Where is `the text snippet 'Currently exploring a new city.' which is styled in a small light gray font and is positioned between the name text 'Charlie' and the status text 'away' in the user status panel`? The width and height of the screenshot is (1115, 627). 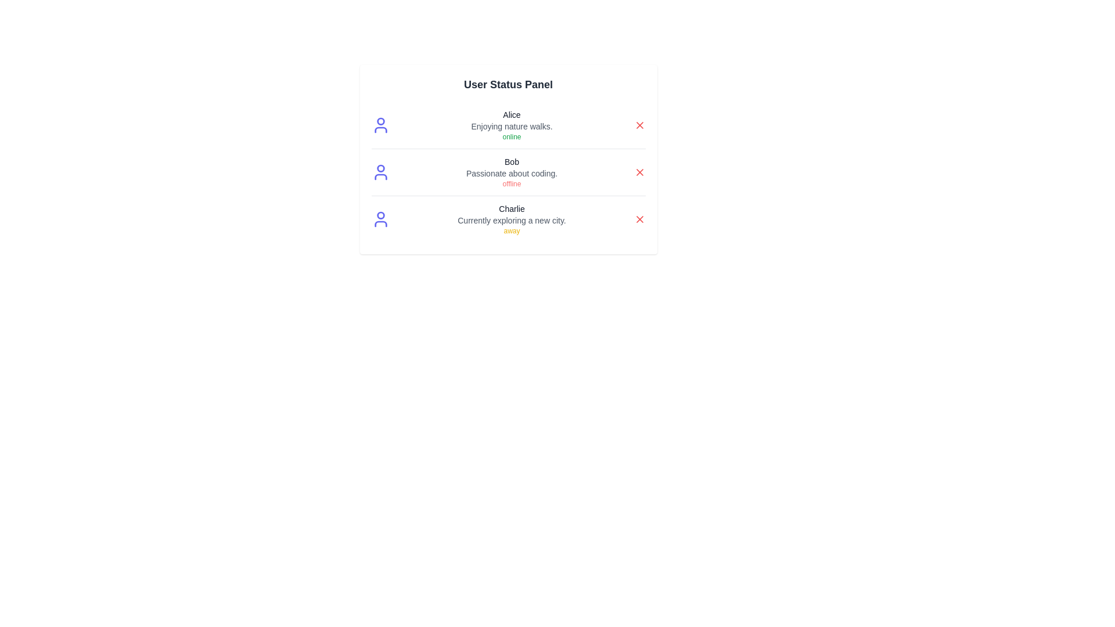 the text snippet 'Currently exploring a new city.' which is styled in a small light gray font and is positioned between the name text 'Charlie' and the status text 'away' in the user status panel is located at coordinates (511, 221).